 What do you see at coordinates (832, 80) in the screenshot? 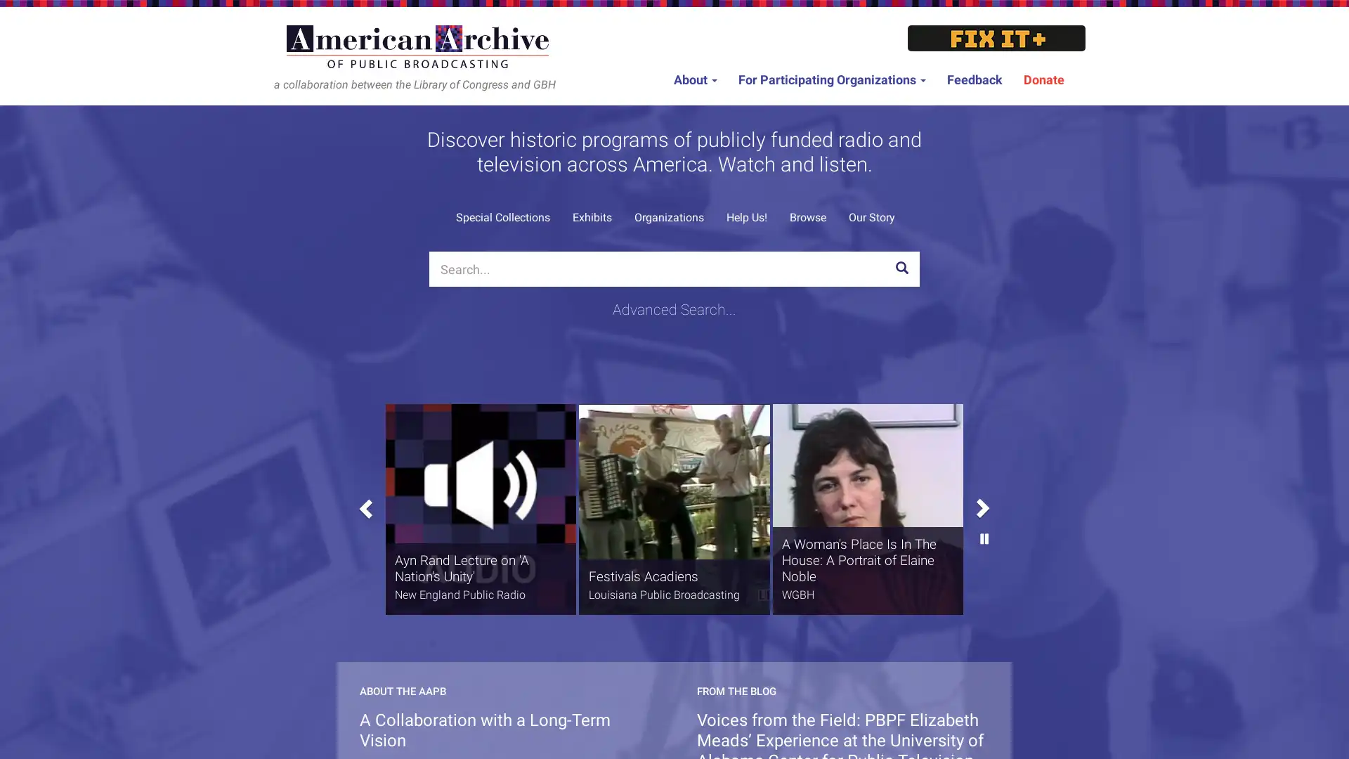
I see `For Participating Organizations` at bounding box center [832, 80].